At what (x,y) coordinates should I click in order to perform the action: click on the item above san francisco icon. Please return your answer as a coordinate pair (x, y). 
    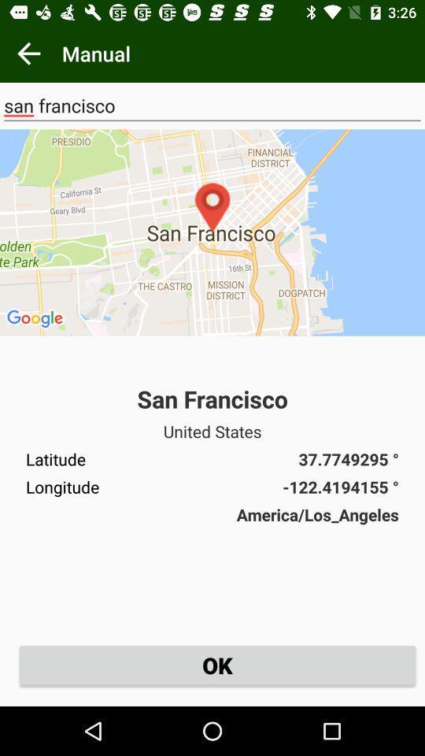
    Looking at the image, I should click on (28, 54).